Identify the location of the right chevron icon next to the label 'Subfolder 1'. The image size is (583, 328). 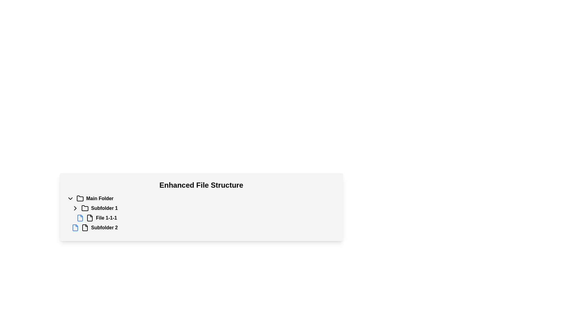
(75, 208).